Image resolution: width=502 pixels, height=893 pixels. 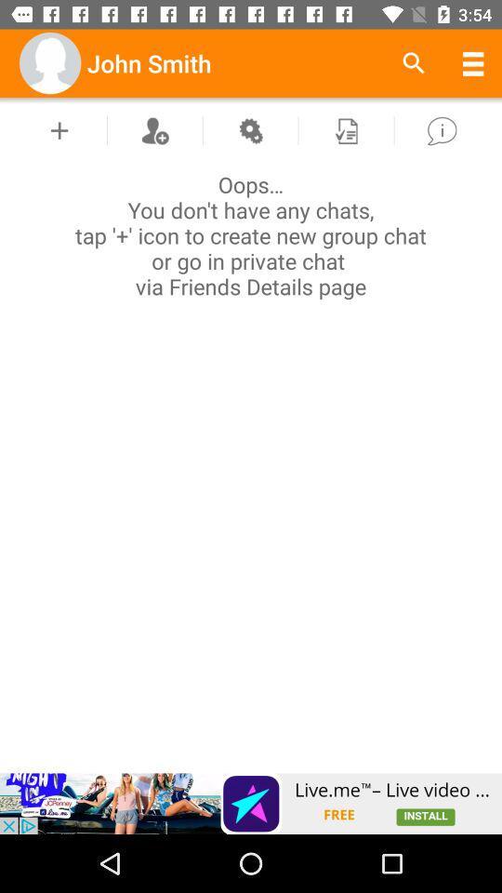 What do you see at coordinates (346, 129) in the screenshot?
I see `the description icon` at bounding box center [346, 129].